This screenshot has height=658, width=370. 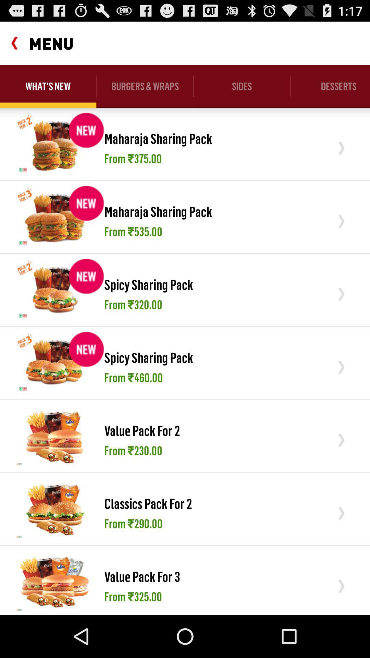 I want to click on icon next to the maharaja sharing pack, so click(x=54, y=216).